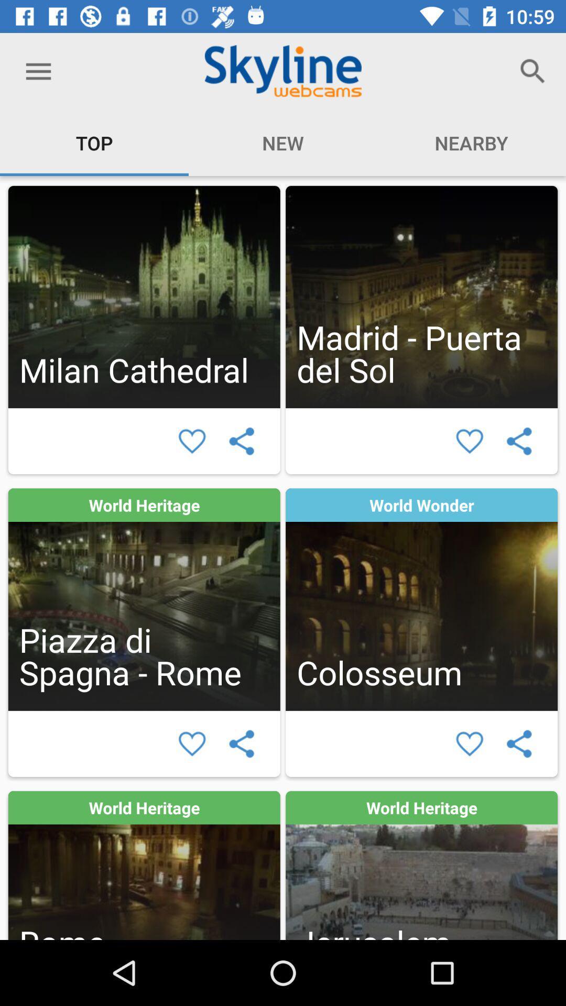 This screenshot has width=566, height=1006. I want to click on connect to others, so click(519, 441).